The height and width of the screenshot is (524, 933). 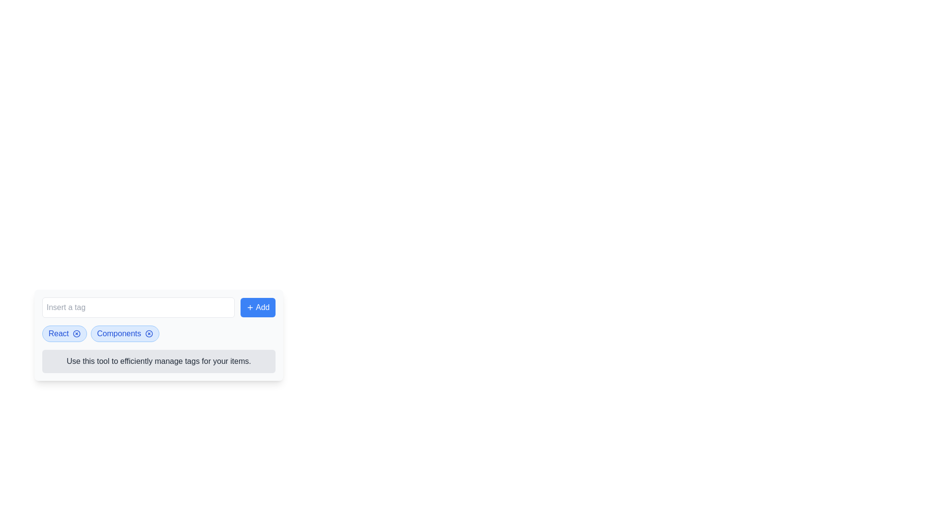 What do you see at coordinates (158, 361) in the screenshot?
I see `the Informational Text that provides instructions for managing tags efficiently, located below the selectable tags and input field` at bounding box center [158, 361].